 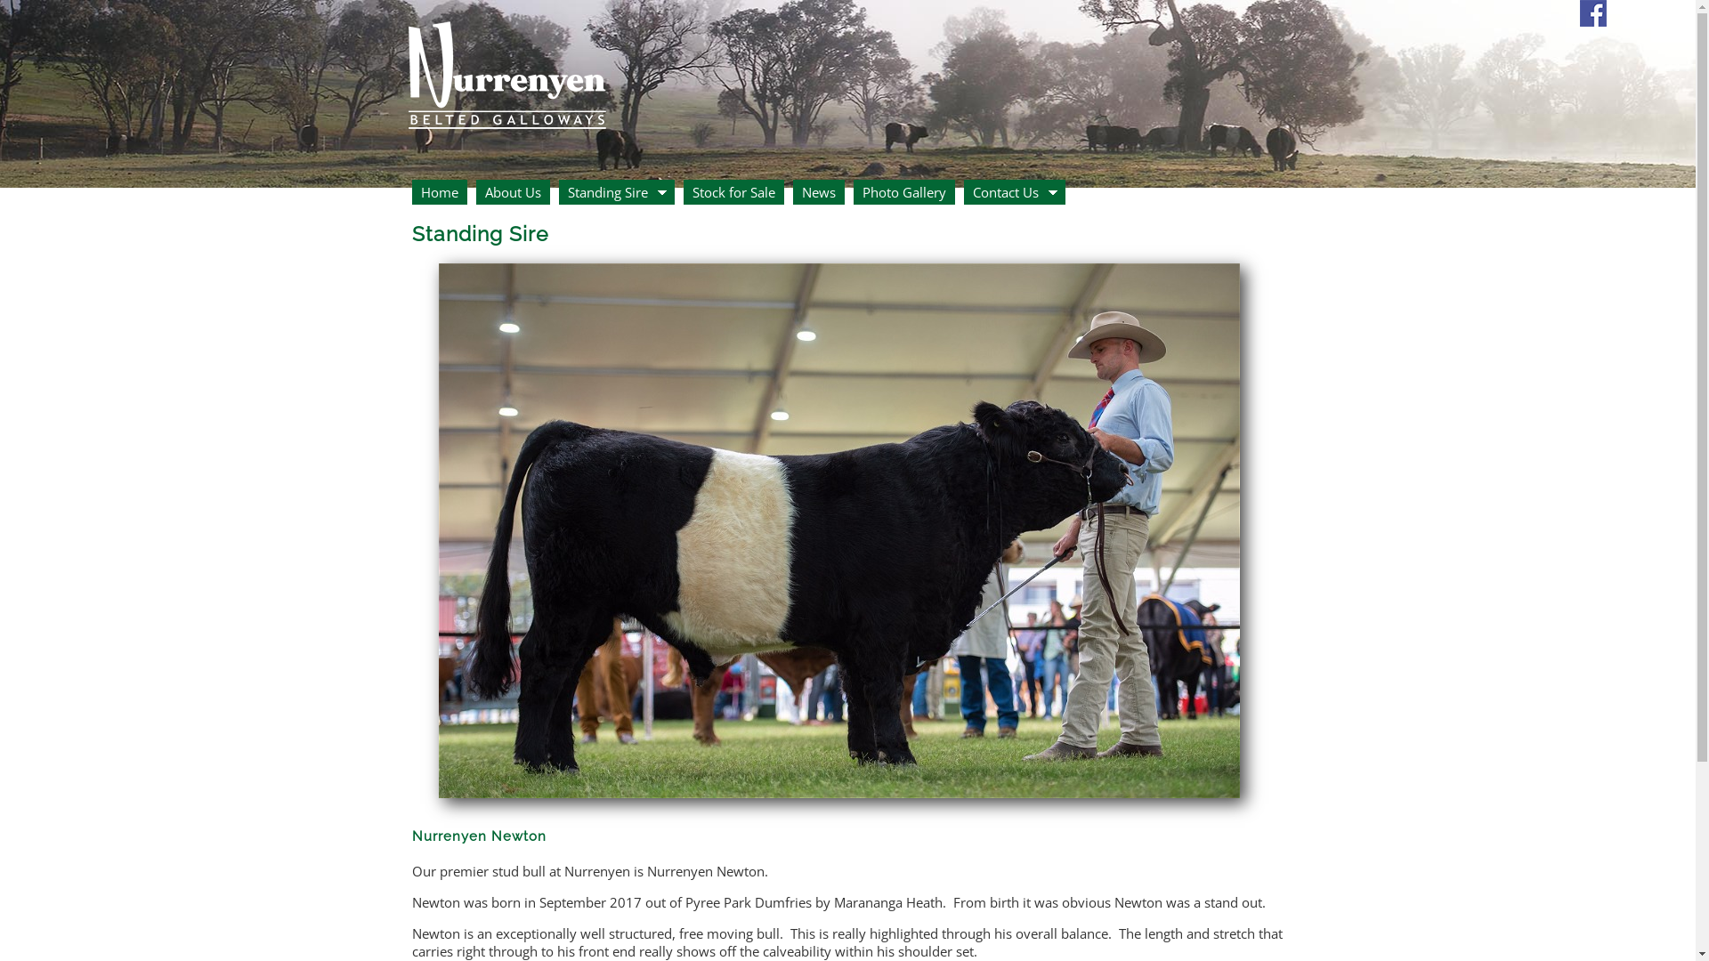 I want to click on 'Photo Gallery', so click(x=903, y=192).